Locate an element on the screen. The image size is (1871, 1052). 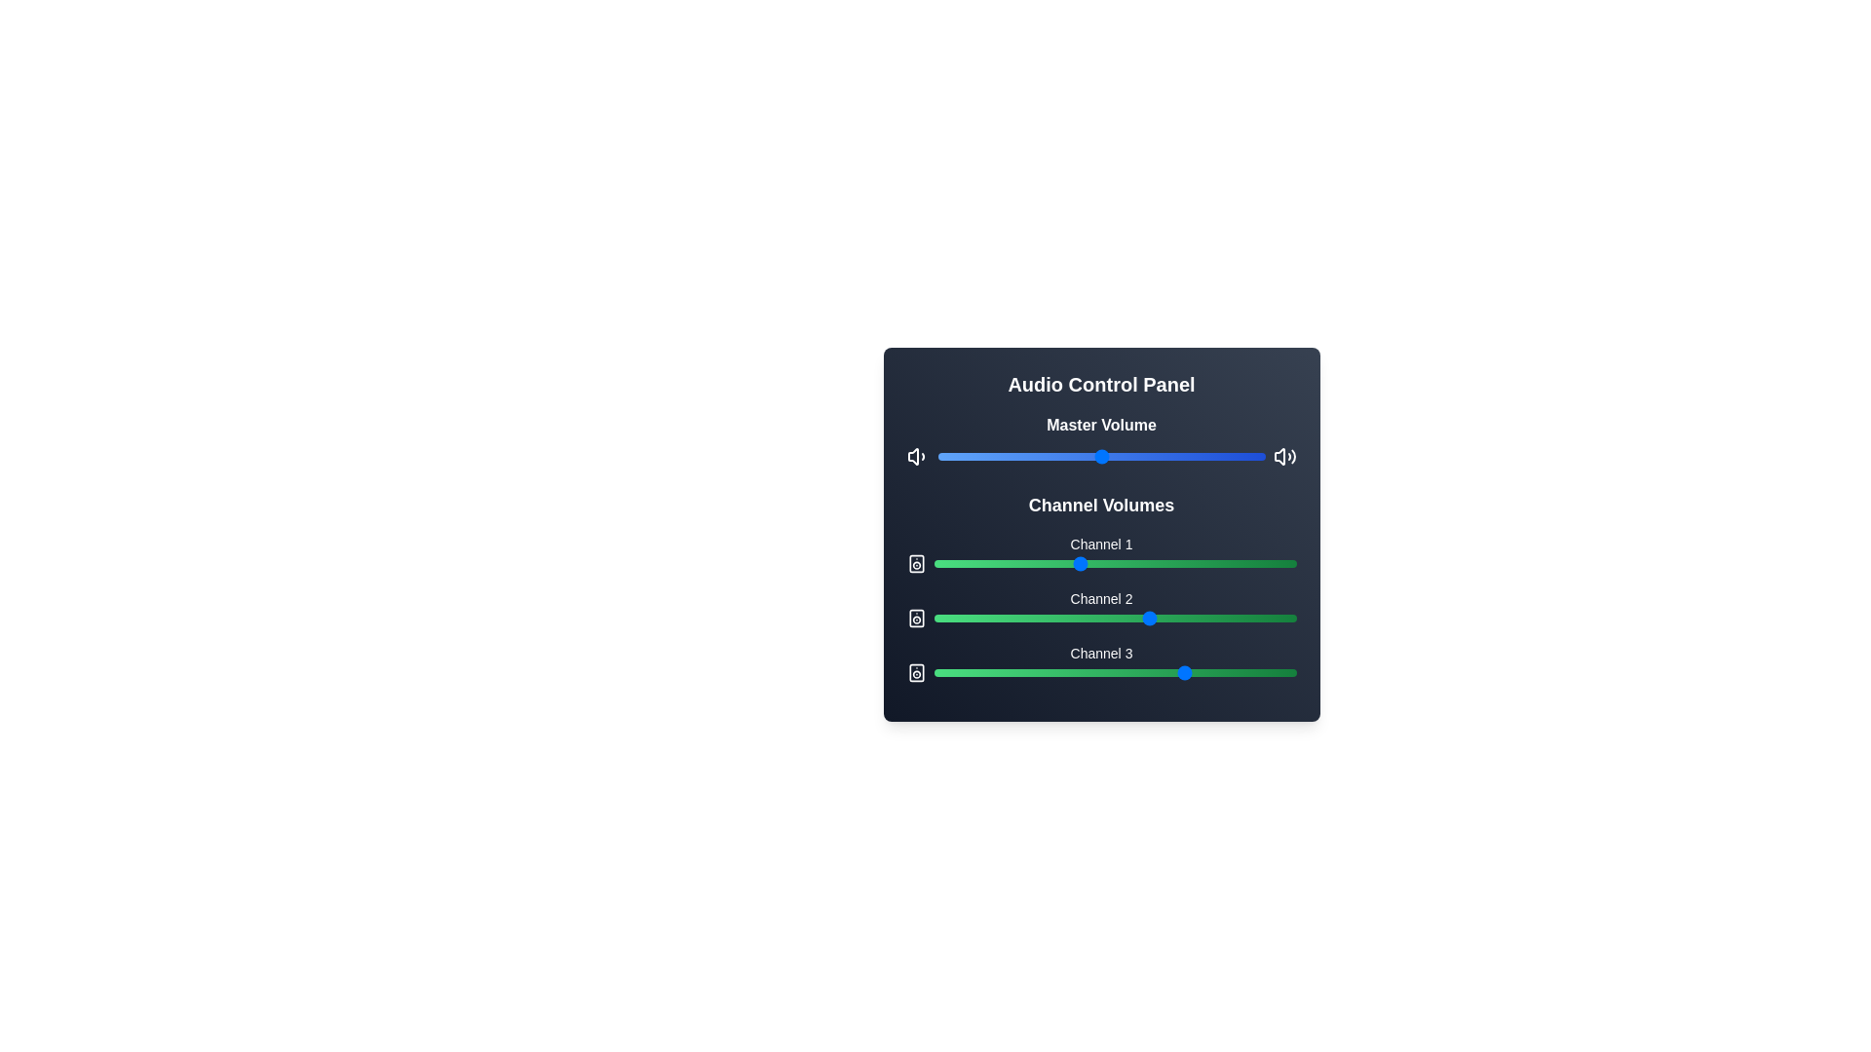
the volume of Channel 2 is located at coordinates (977, 619).